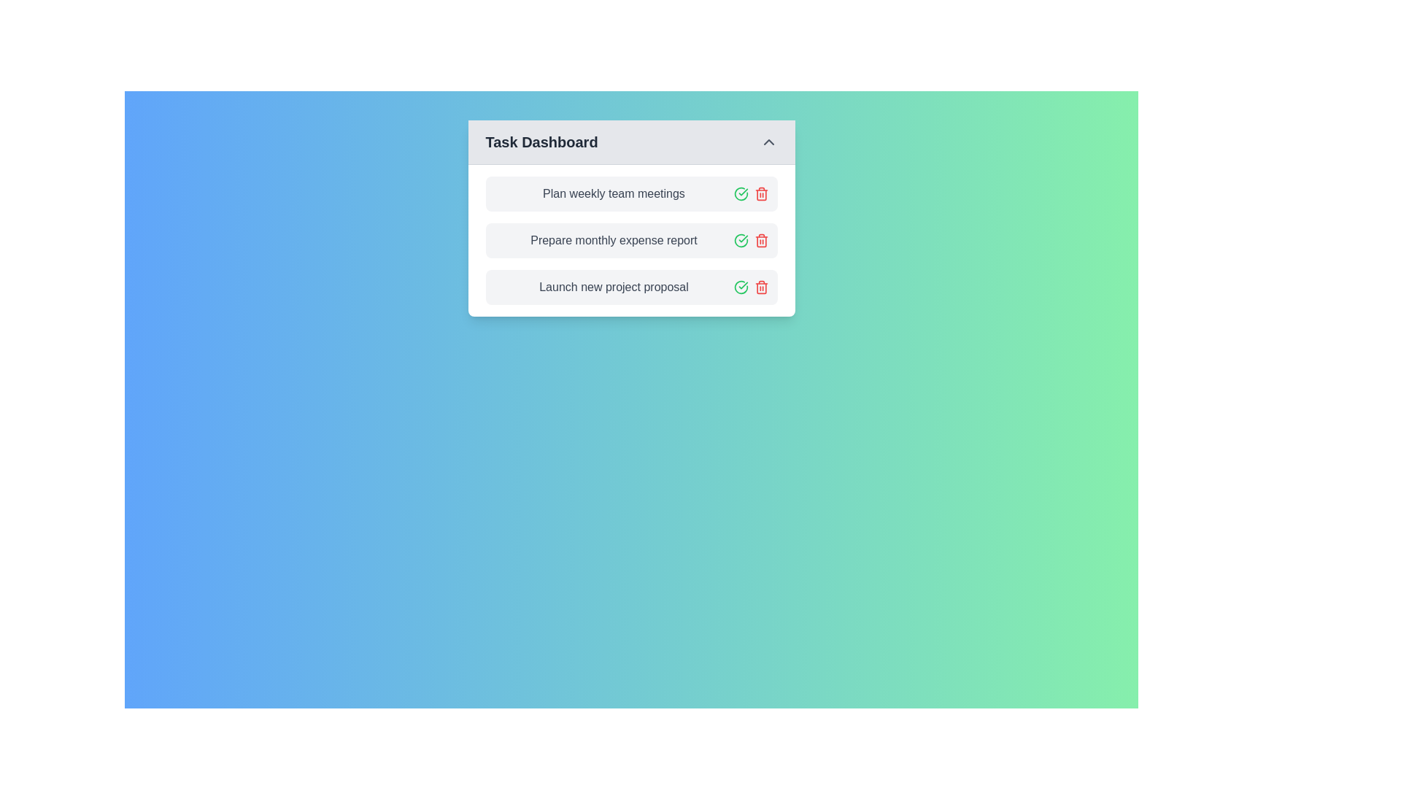 The width and height of the screenshot is (1401, 788). Describe the element at coordinates (760, 288) in the screenshot. I see `the second segment of the red trash icon located next to the text 'Launch new project proposal'` at that location.